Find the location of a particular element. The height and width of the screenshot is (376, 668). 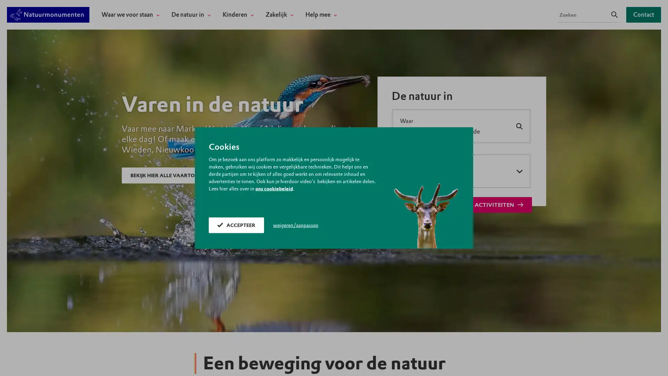

ACCEPTEER vinkje klein is located at coordinates (236, 225).